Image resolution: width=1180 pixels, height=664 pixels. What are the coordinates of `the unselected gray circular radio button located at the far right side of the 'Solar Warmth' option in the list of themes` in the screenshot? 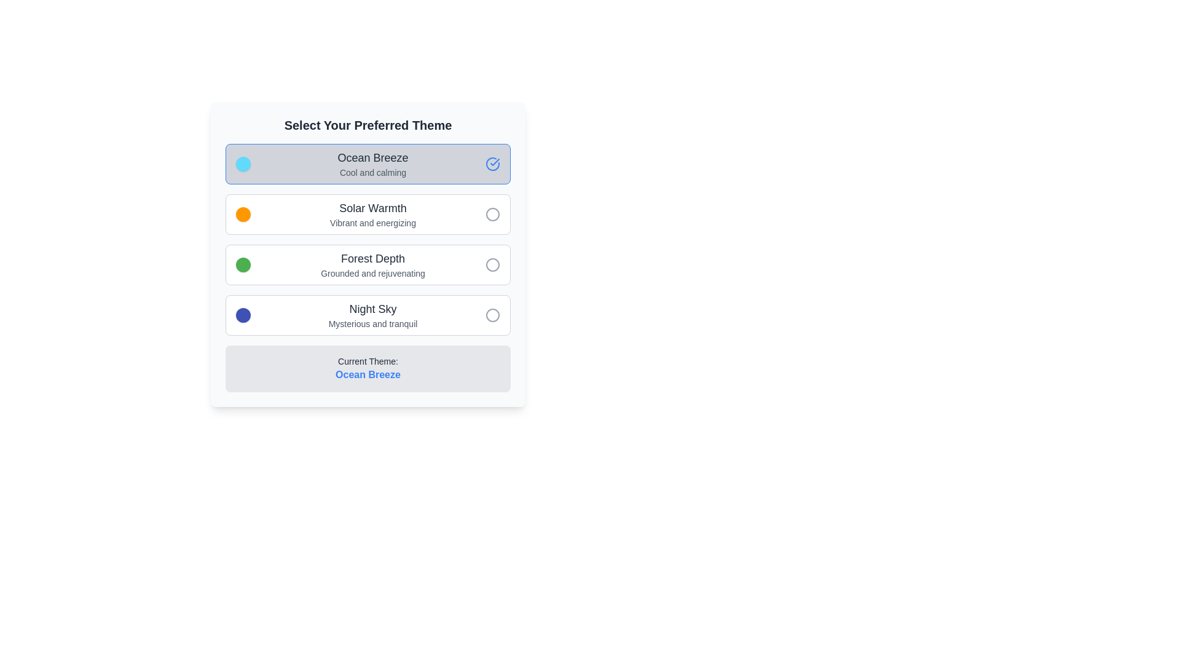 It's located at (492, 213).